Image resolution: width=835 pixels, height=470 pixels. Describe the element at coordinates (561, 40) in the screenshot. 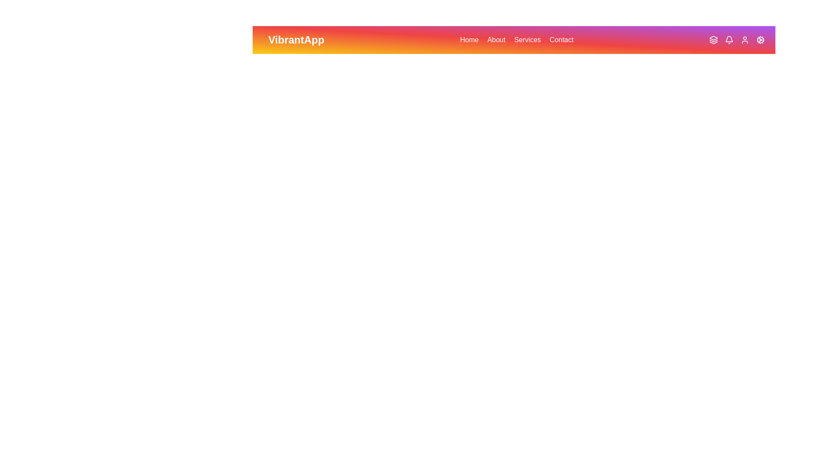

I see `the link labeled Contact to trigger its hover effect` at that location.